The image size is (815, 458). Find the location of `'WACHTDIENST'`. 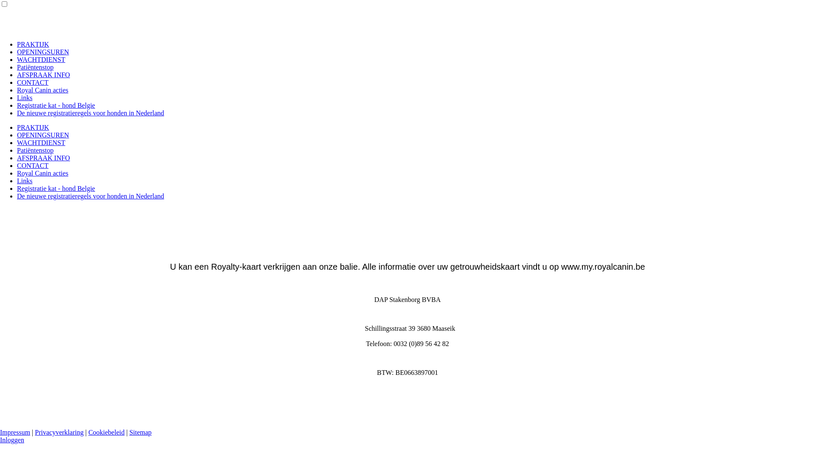

'WACHTDIENST' is located at coordinates (40, 59).